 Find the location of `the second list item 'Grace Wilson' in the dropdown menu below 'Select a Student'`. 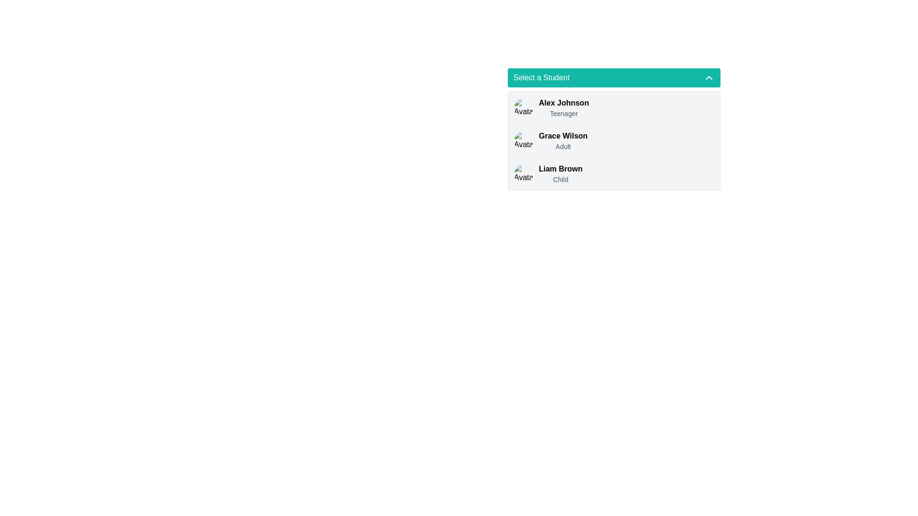

the second list item 'Grace Wilson' in the dropdown menu below 'Select a Student' is located at coordinates (614, 129).